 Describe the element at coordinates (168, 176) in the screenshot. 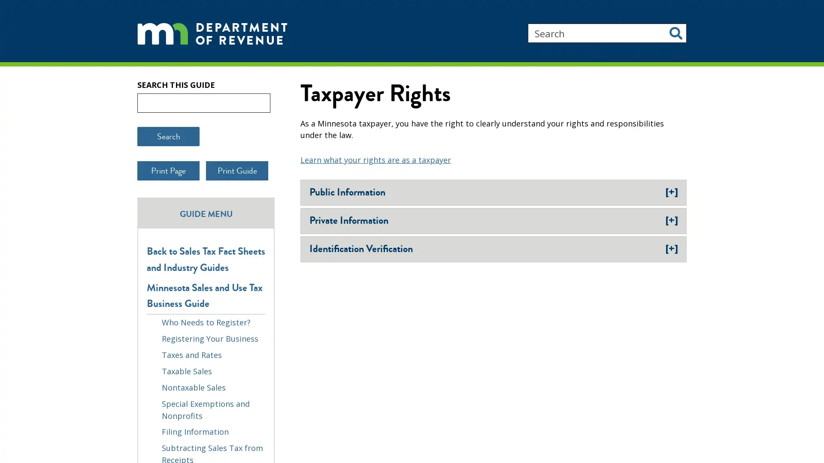

I see `Search` at that location.